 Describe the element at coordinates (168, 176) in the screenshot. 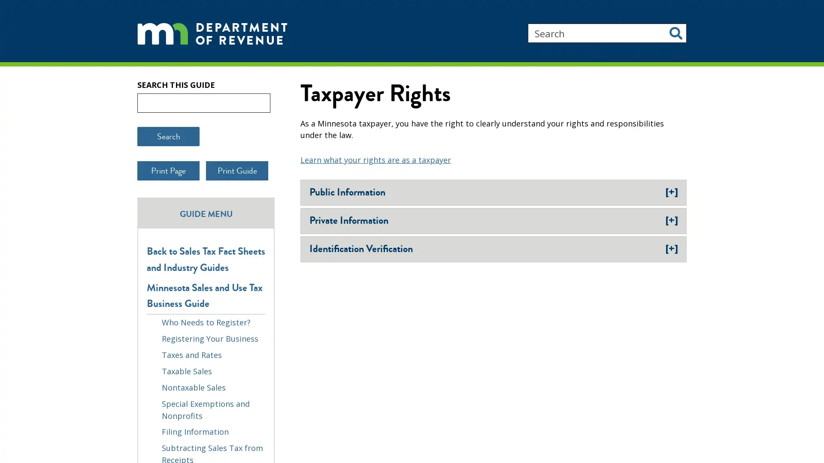

I see `Search` at that location.